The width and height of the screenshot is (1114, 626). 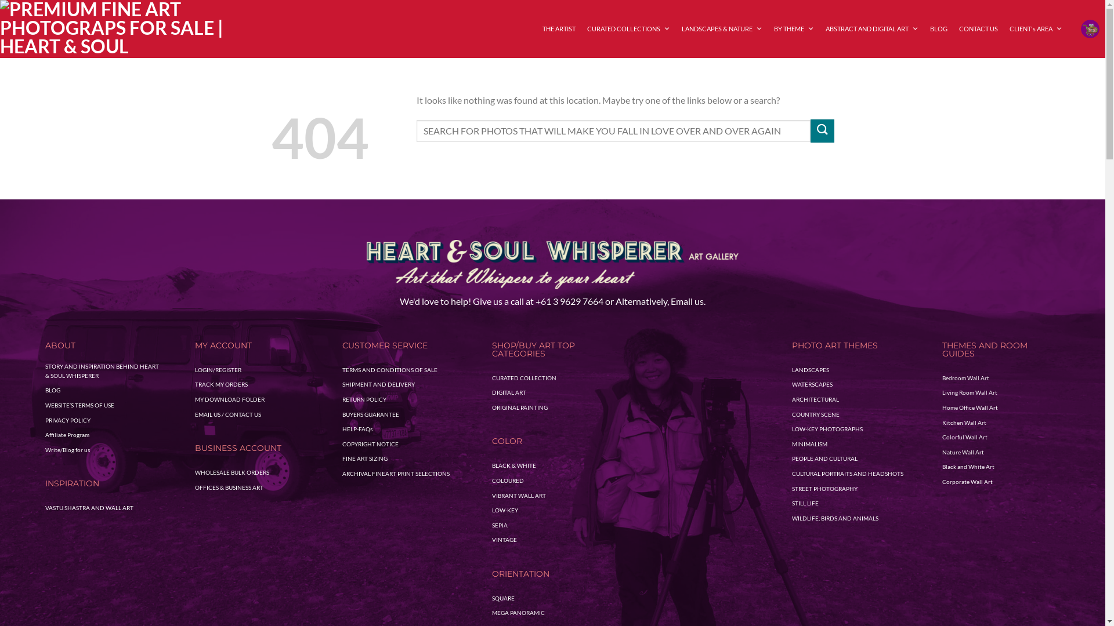 What do you see at coordinates (523, 377) in the screenshot?
I see `'CURATED COLLECTION'` at bounding box center [523, 377].